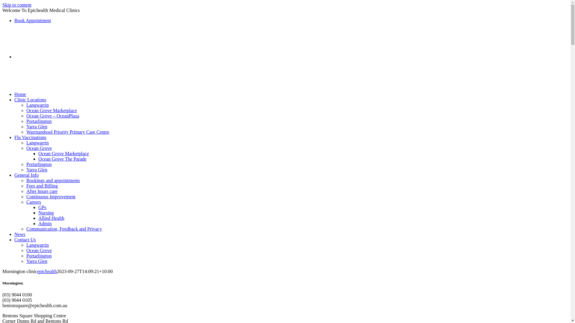 This screenshot has width=575, height=323. I want to click on 'Fees and Billing', so click(26, 185).